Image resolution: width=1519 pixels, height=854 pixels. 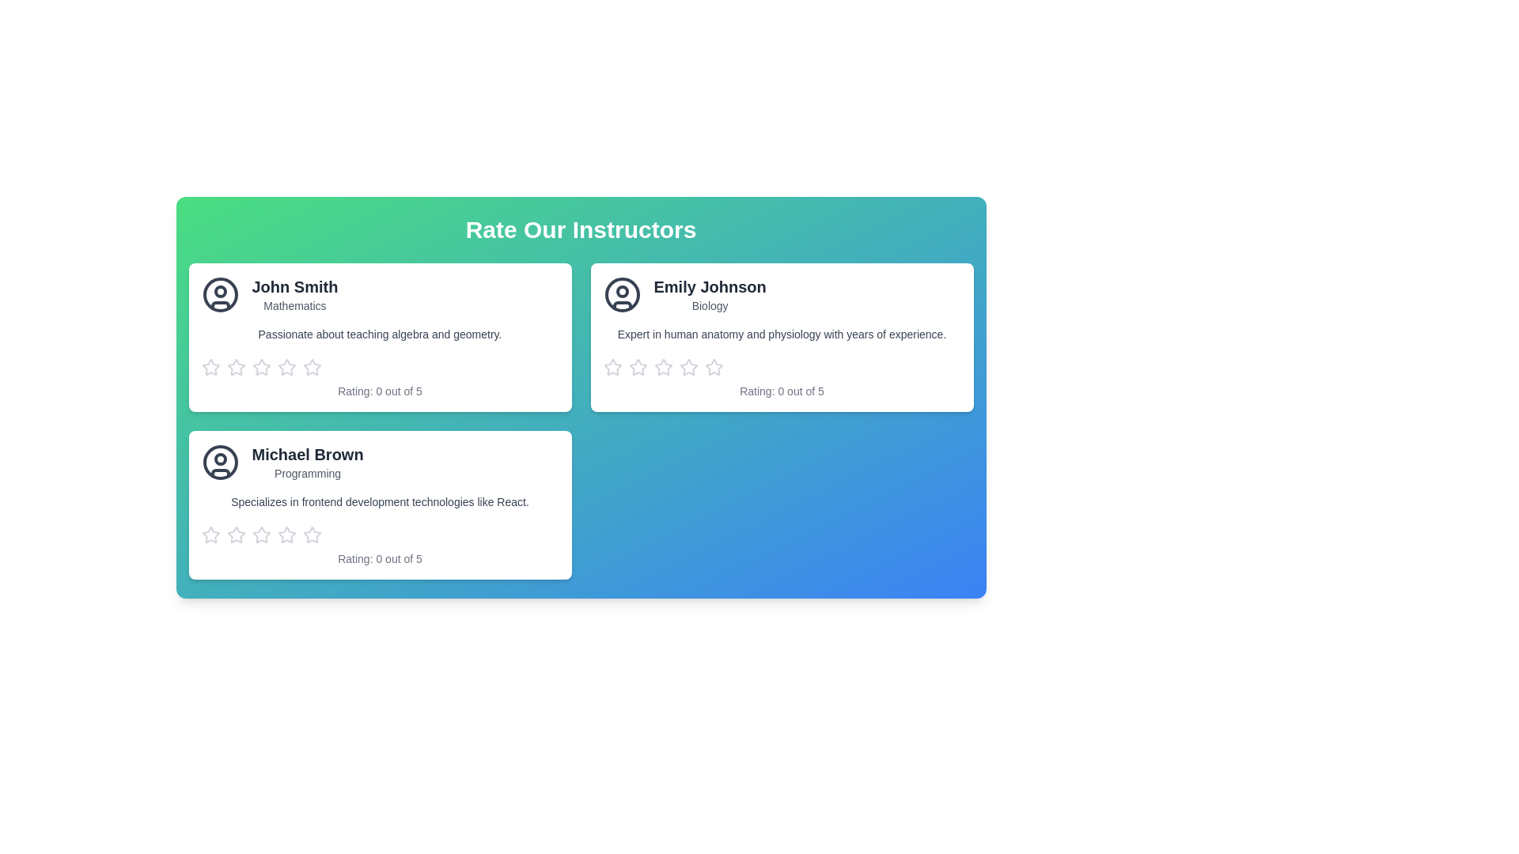 I want to click on the decorative circular SVG element representing the inner detail of the user profile icon on Michael Brown's card, located in the bottom left of the displayed grid, so click(x=219, y=459).